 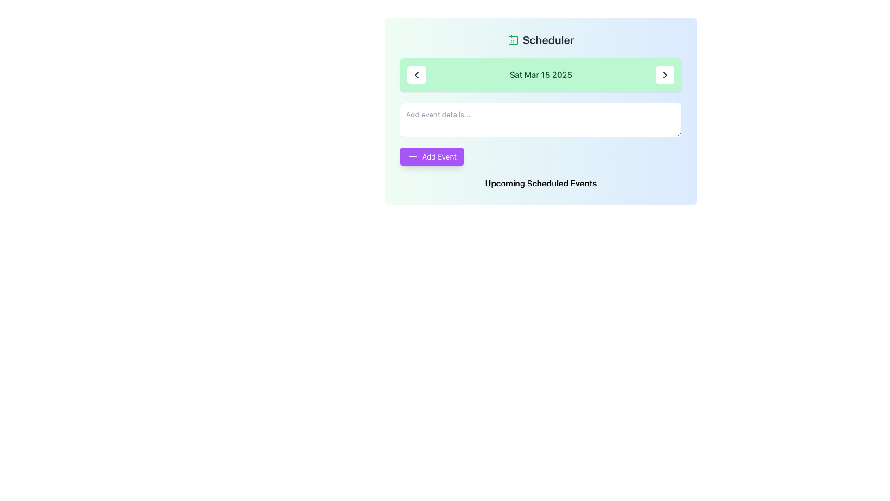 I want to click on the backward navigation button located on the left side of the highlighted date bar in the scheduler interface, so click(x=416, y=75).